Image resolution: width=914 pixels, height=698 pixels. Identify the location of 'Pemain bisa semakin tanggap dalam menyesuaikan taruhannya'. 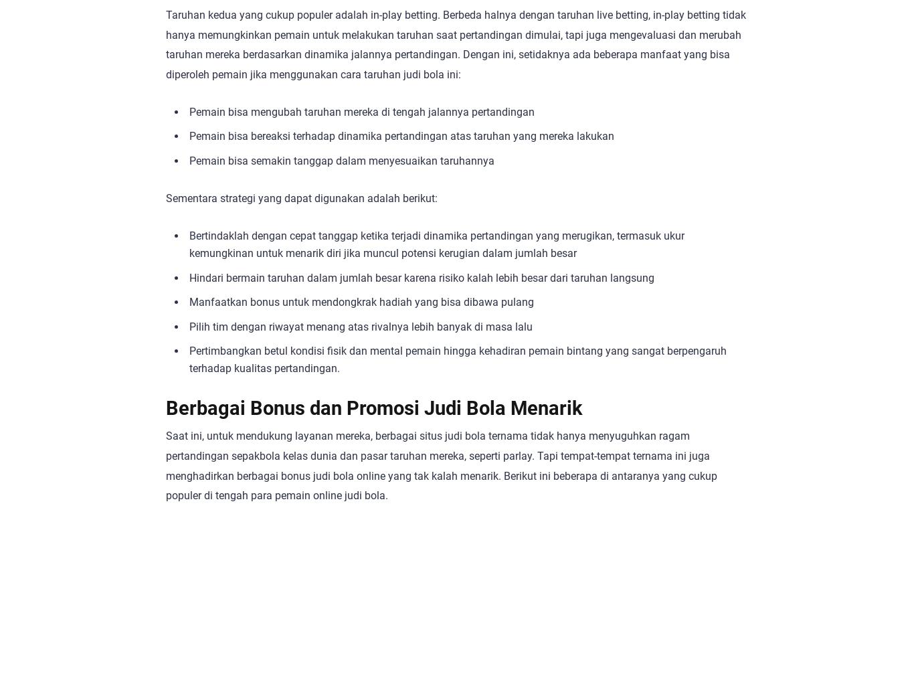
(342, 160).